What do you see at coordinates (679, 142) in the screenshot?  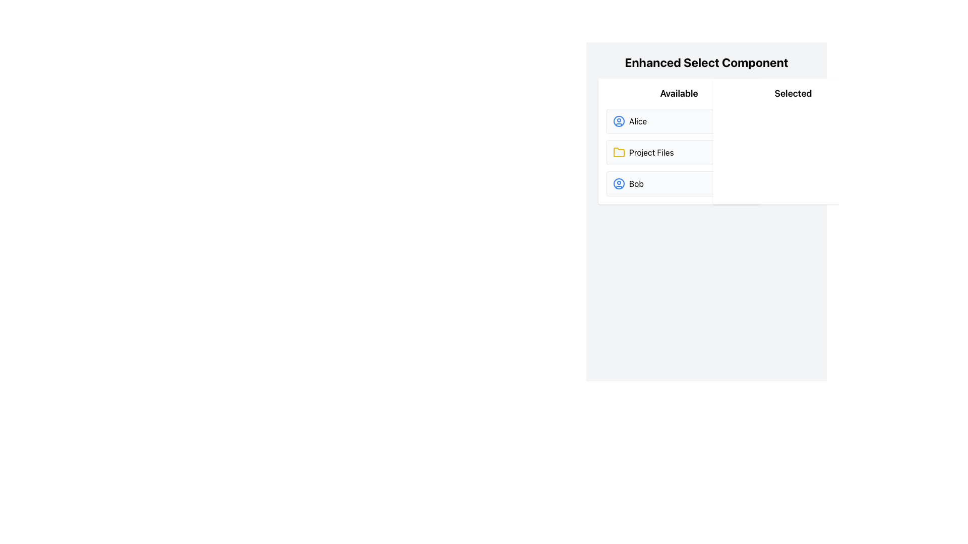 I see `and drop the selectable folder item labeled 'Project Files' from the second position under 'Available' in the left panel of the interface` at bounding box center [679, 142].